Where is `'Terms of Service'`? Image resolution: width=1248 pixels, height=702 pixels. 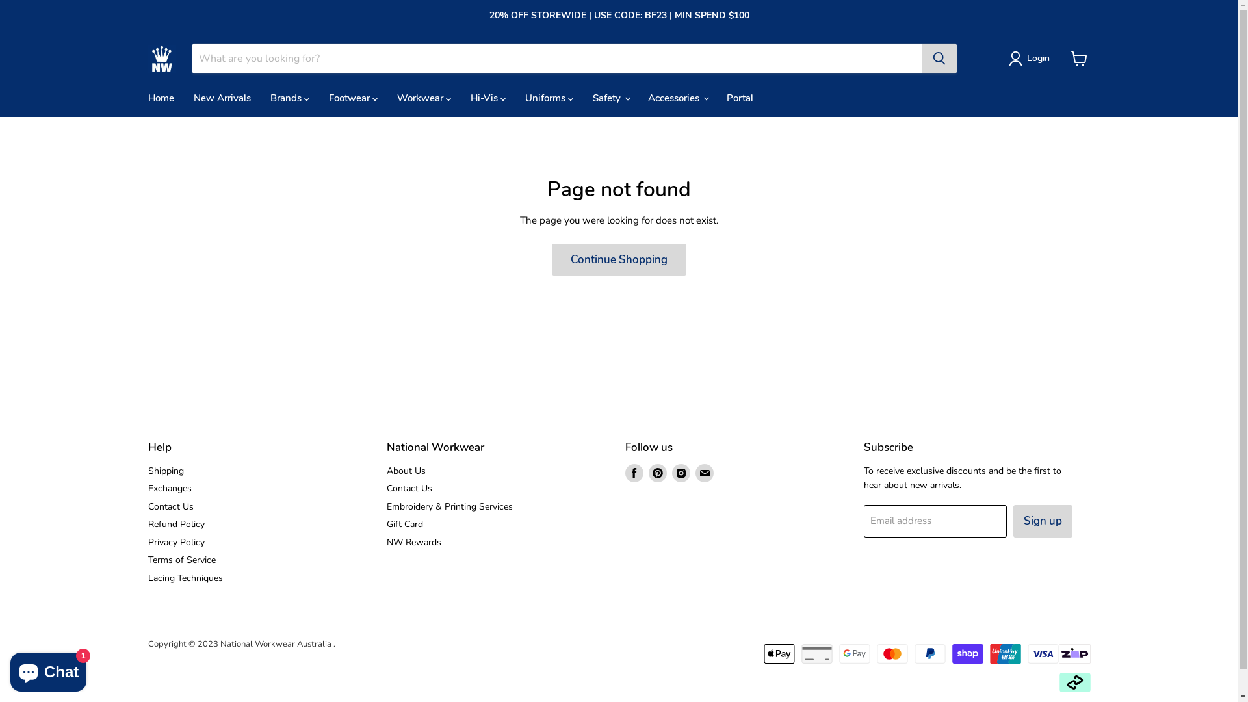 'Terms of Service' is located at coordinates (181, 559).